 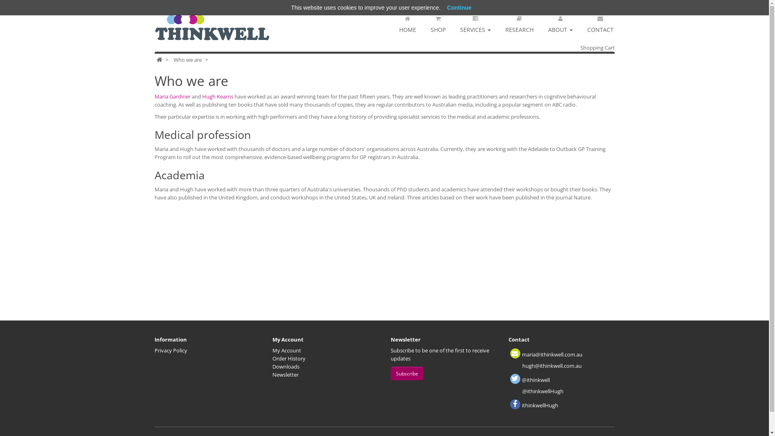 What do you see at coordinates (542, 390) in the screenshot?
I see `'@ithinkwellHugh'` at bounding box center [542, 390].